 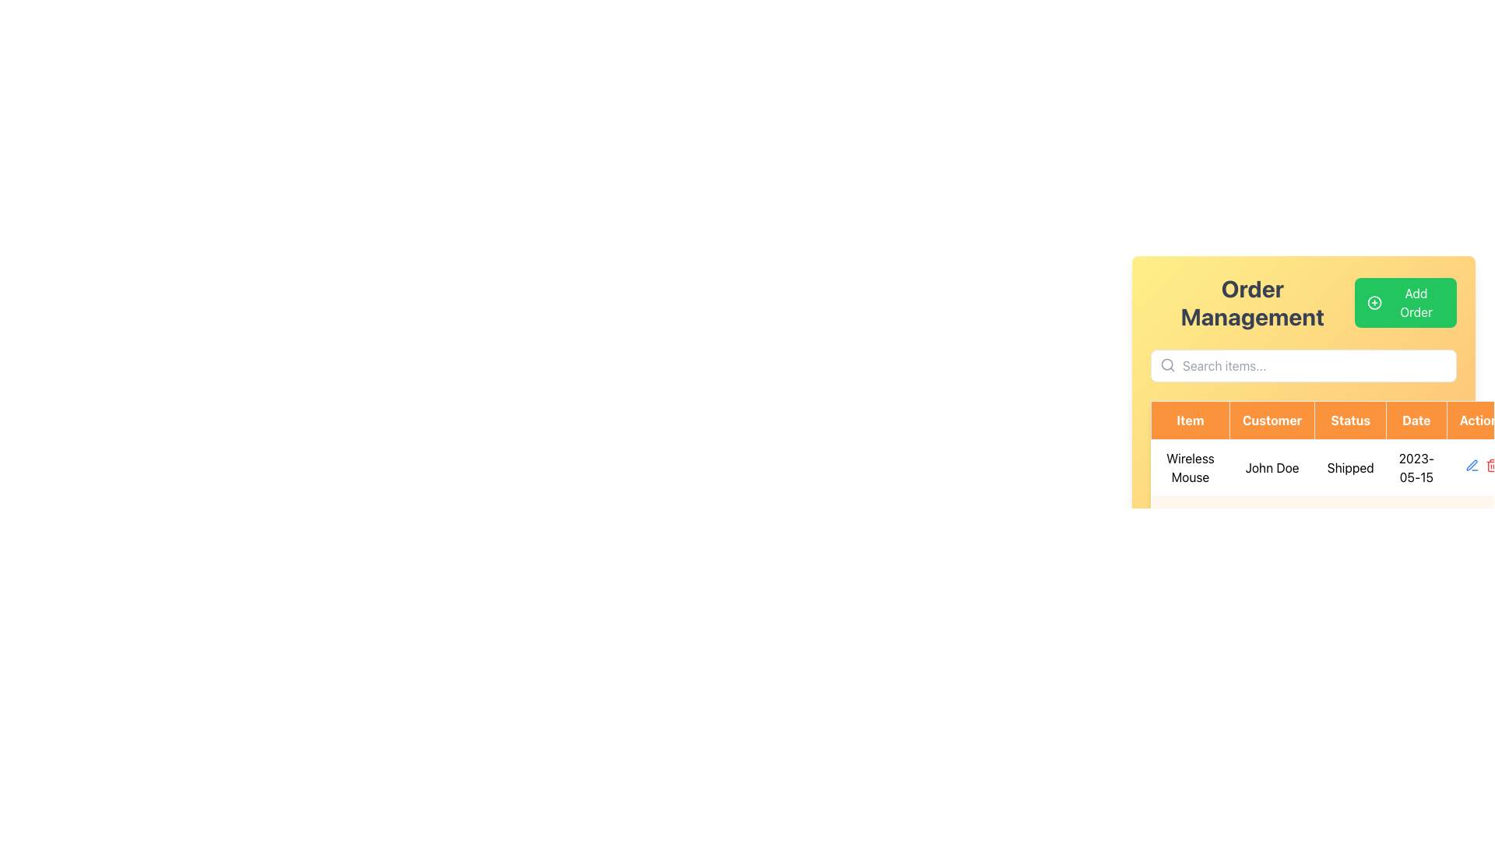 I want to click on the static textual content indicating the shipping status of the 'Wireless Mouse' entry in the table, which follows 'John Doe' in the 'Customer' column and precedes the 'Date' column, so click(x=1349, y=466).